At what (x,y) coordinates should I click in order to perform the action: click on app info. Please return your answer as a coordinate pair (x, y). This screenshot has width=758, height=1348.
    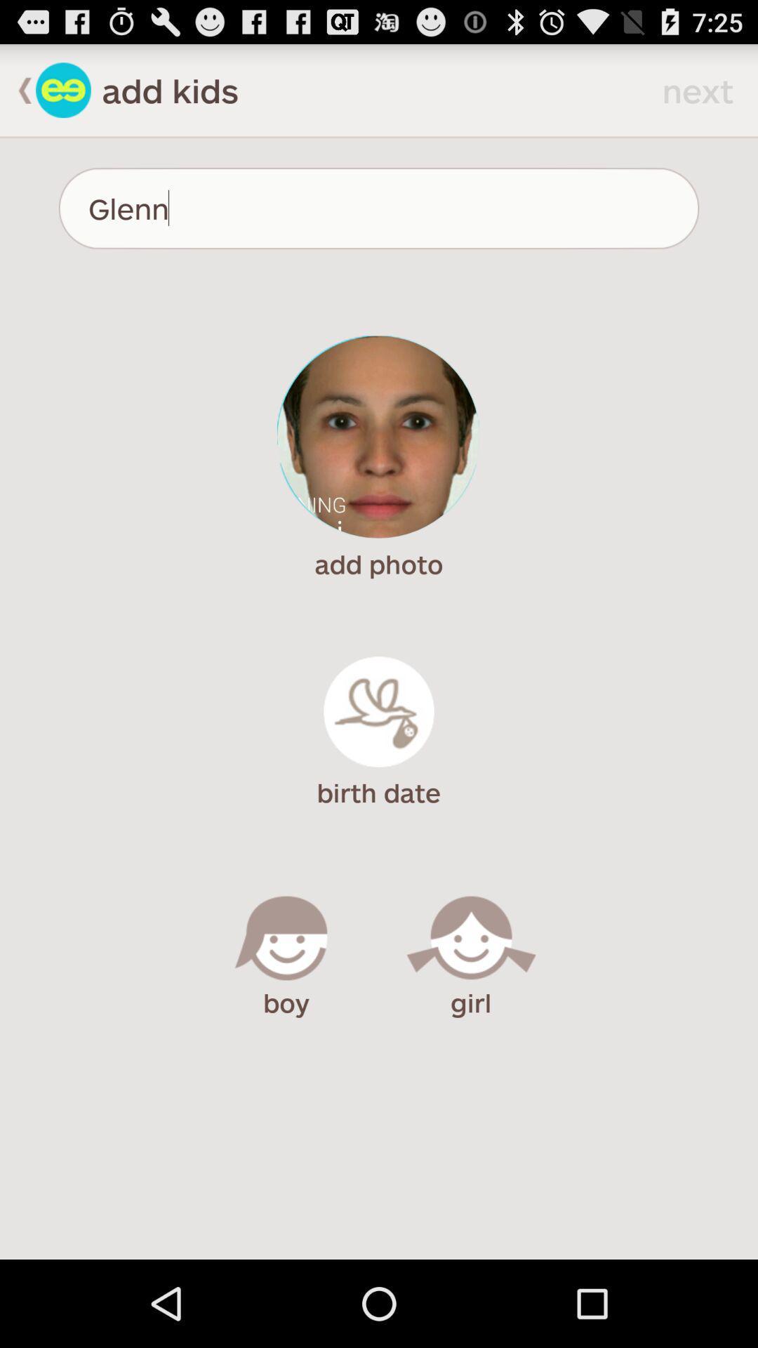
    Looking at the image, I should click on (63, 89).